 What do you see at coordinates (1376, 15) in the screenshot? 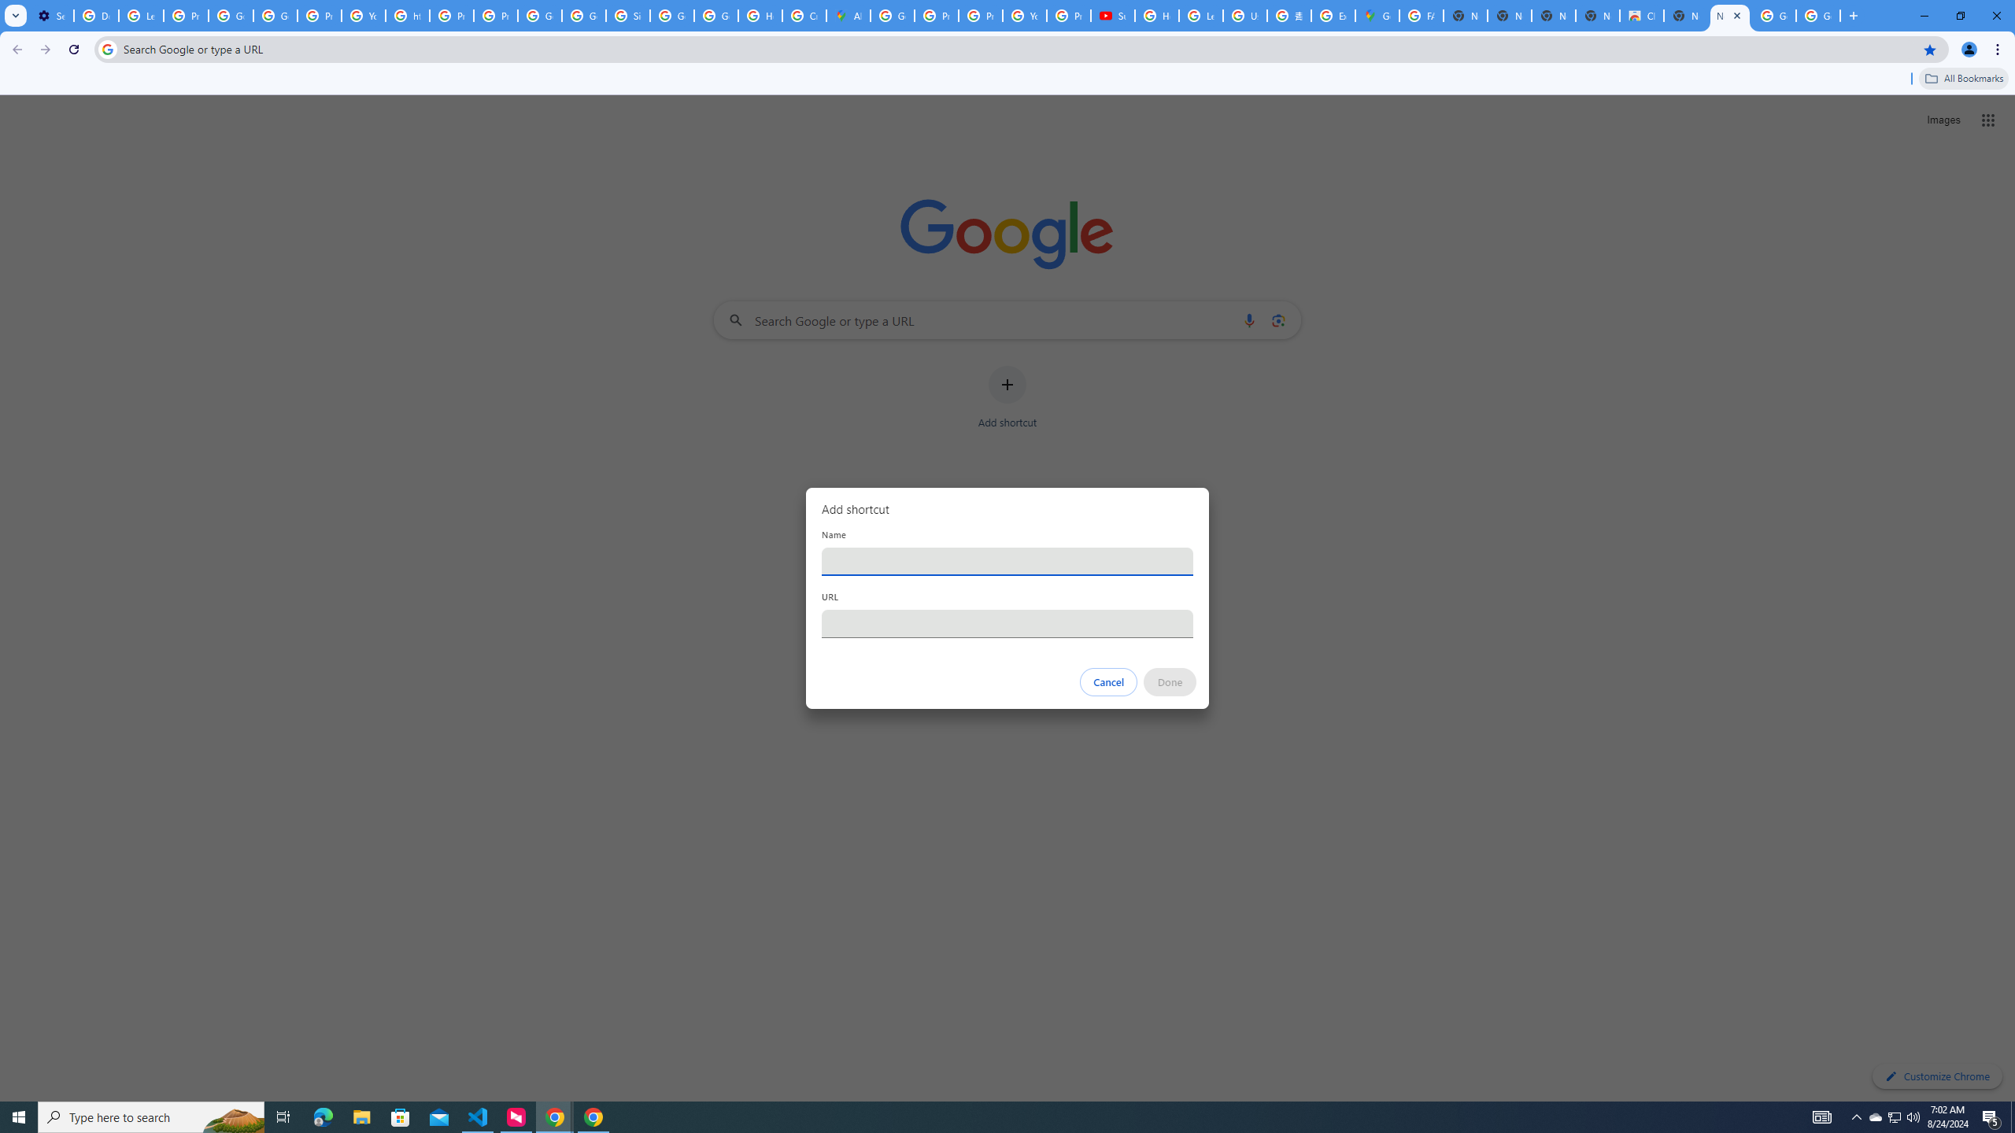
I see `'Google Maps'` at bounding box center [1376, 15].